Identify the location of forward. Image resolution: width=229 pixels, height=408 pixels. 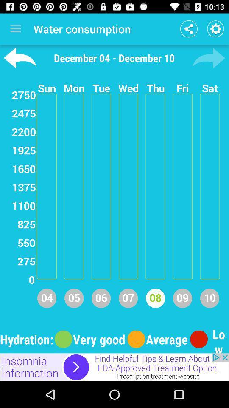
(208, 57).